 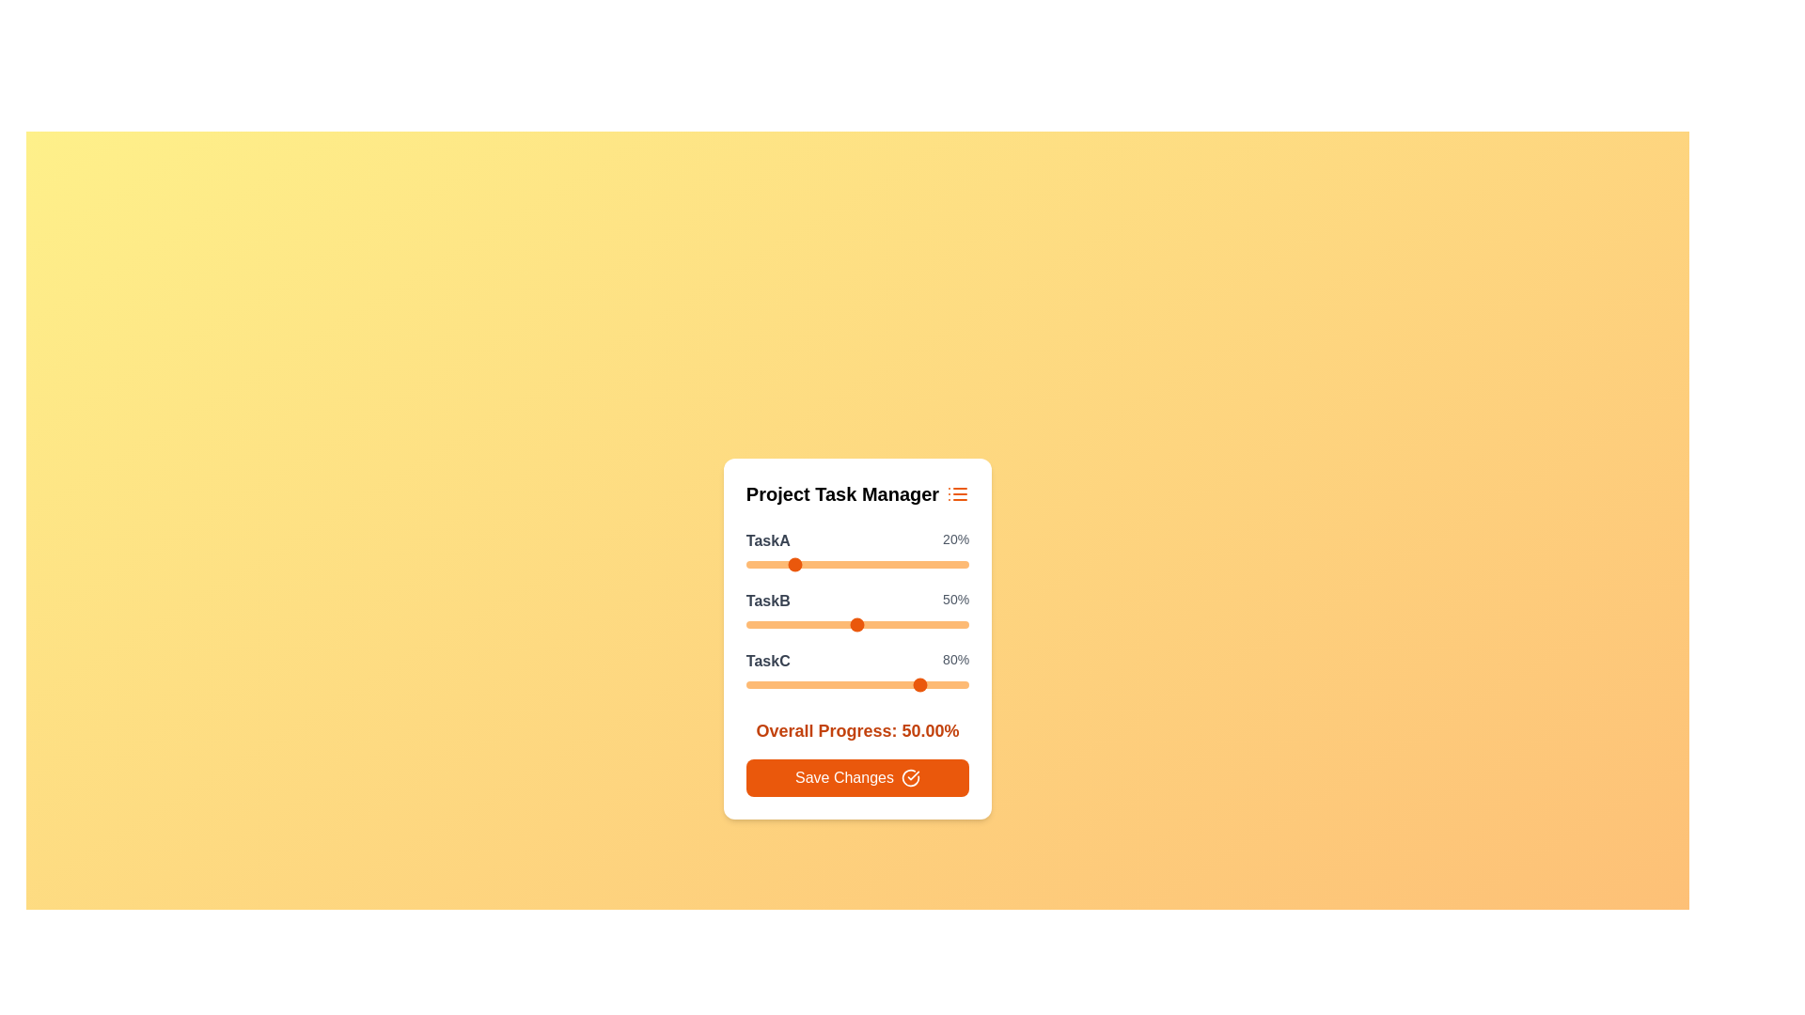 What do you see at coordinates (876, 624) in the screenshot?
I see `the TaskB slider to 59%` at bounding box center [876, 624].